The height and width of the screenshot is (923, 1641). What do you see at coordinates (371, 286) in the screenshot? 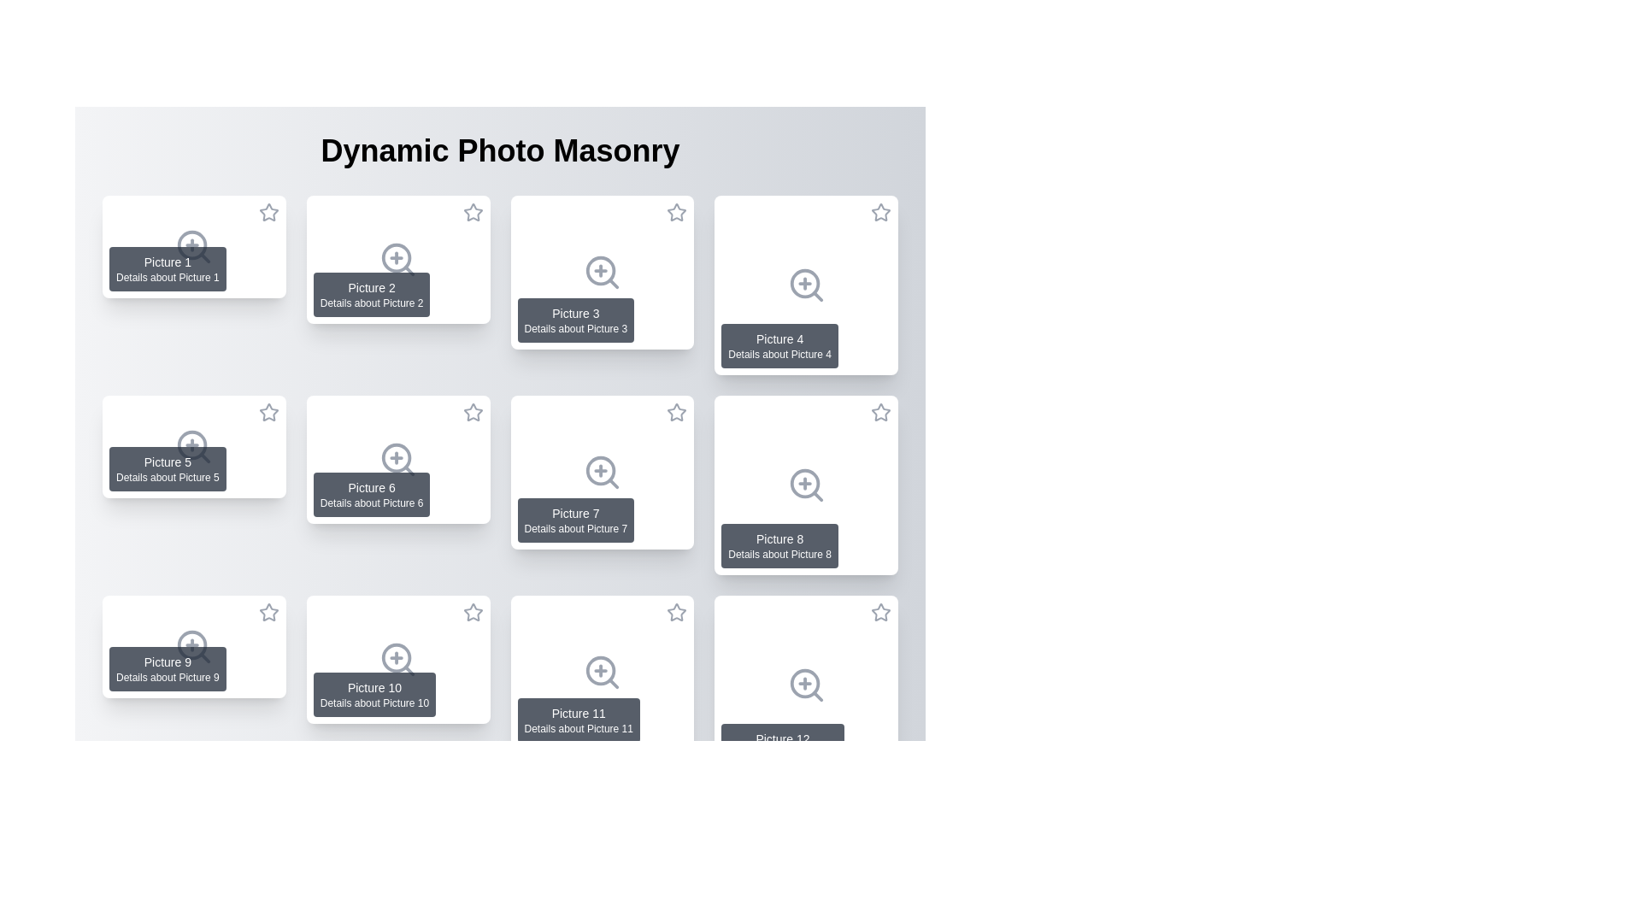
I see `text 'Picture 2' from the label styled in a small font with medium emphasis, located within a dark gray background at the bottom-left corner of the adjacent picture card` at bounding box center [371, 286].